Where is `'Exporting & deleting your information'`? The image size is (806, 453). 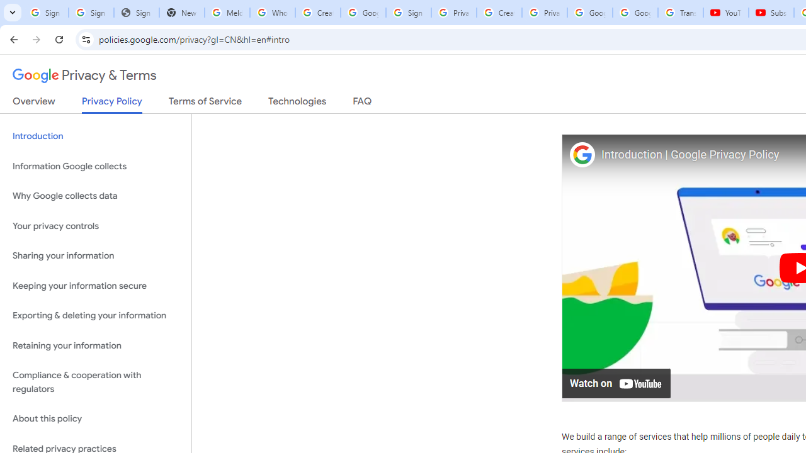
'Exporting & deleting your information' is located at coordinates (95, 315).